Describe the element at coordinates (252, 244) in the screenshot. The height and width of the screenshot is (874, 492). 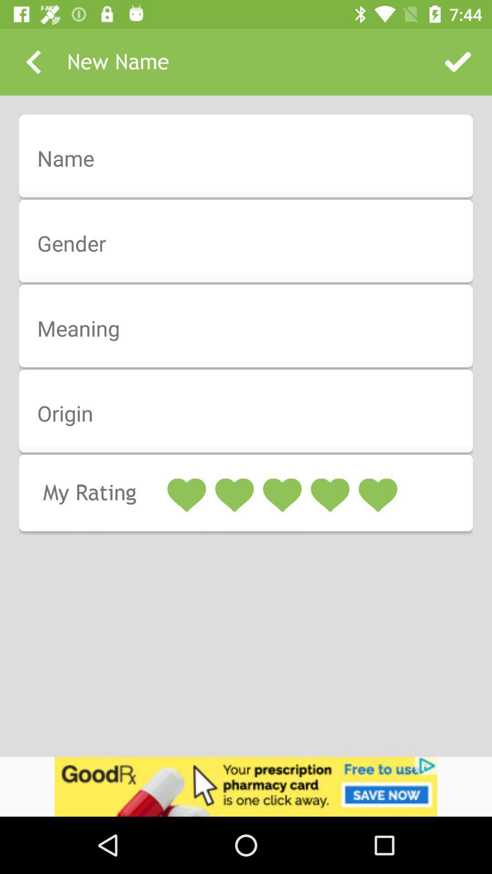
I see `gender` at that location.